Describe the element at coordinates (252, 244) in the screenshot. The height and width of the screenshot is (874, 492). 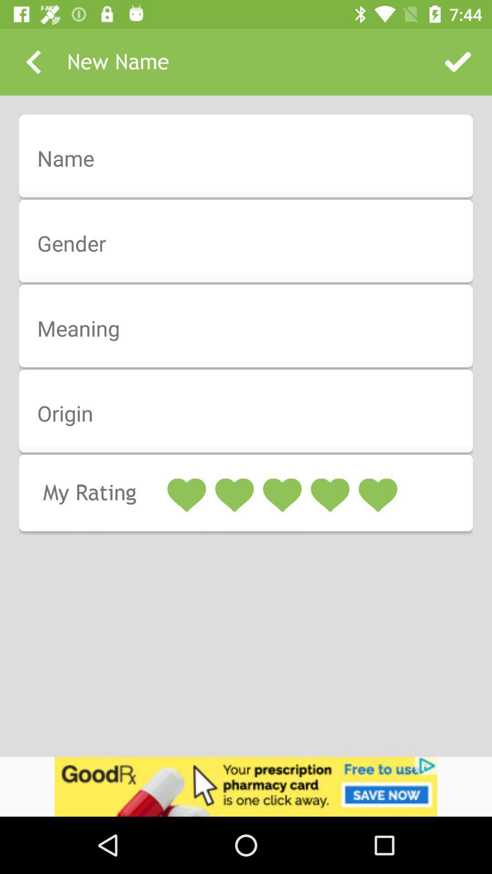
I see `gender` at that location.